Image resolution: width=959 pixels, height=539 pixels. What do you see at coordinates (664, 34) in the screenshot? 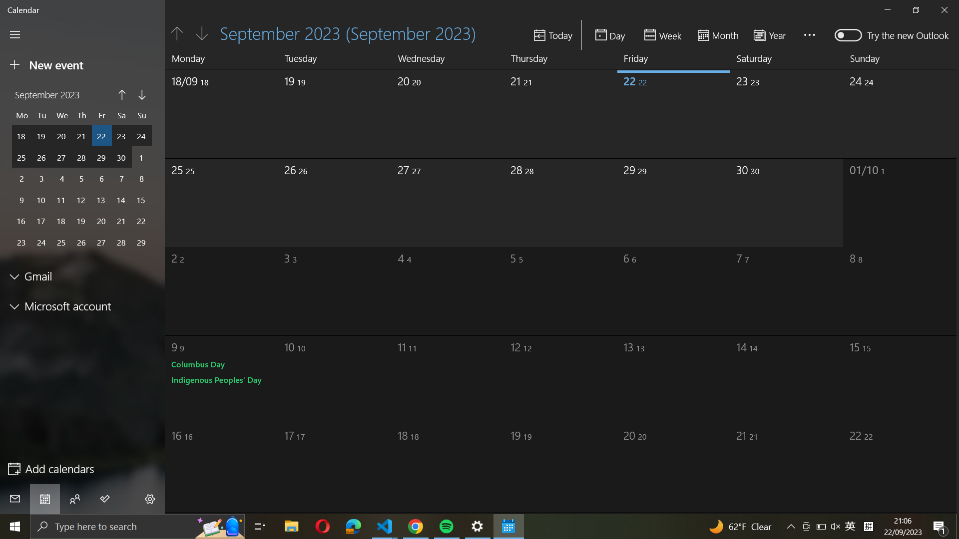
I see `Transform calendar plan to "Week` at bounding box center [664, 34].